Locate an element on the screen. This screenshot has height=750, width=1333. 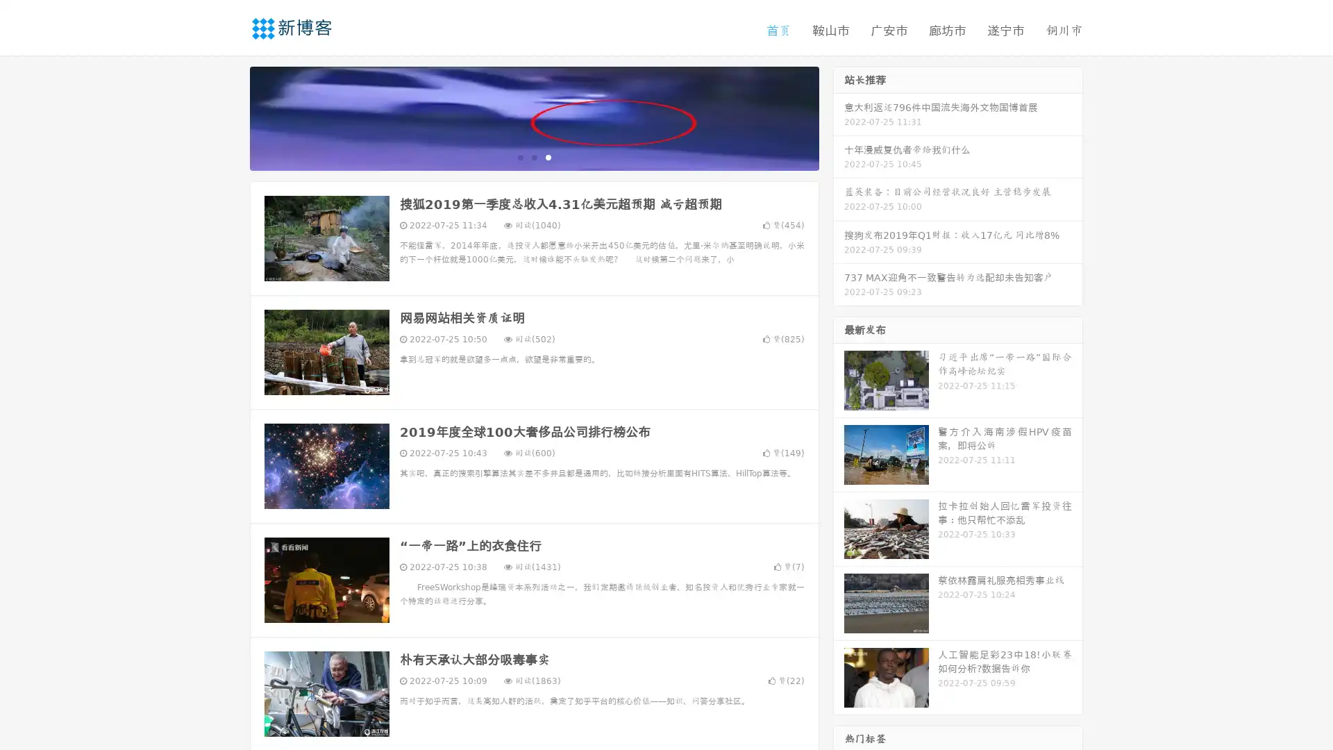
Next slide is located at coordinates (839, 117).